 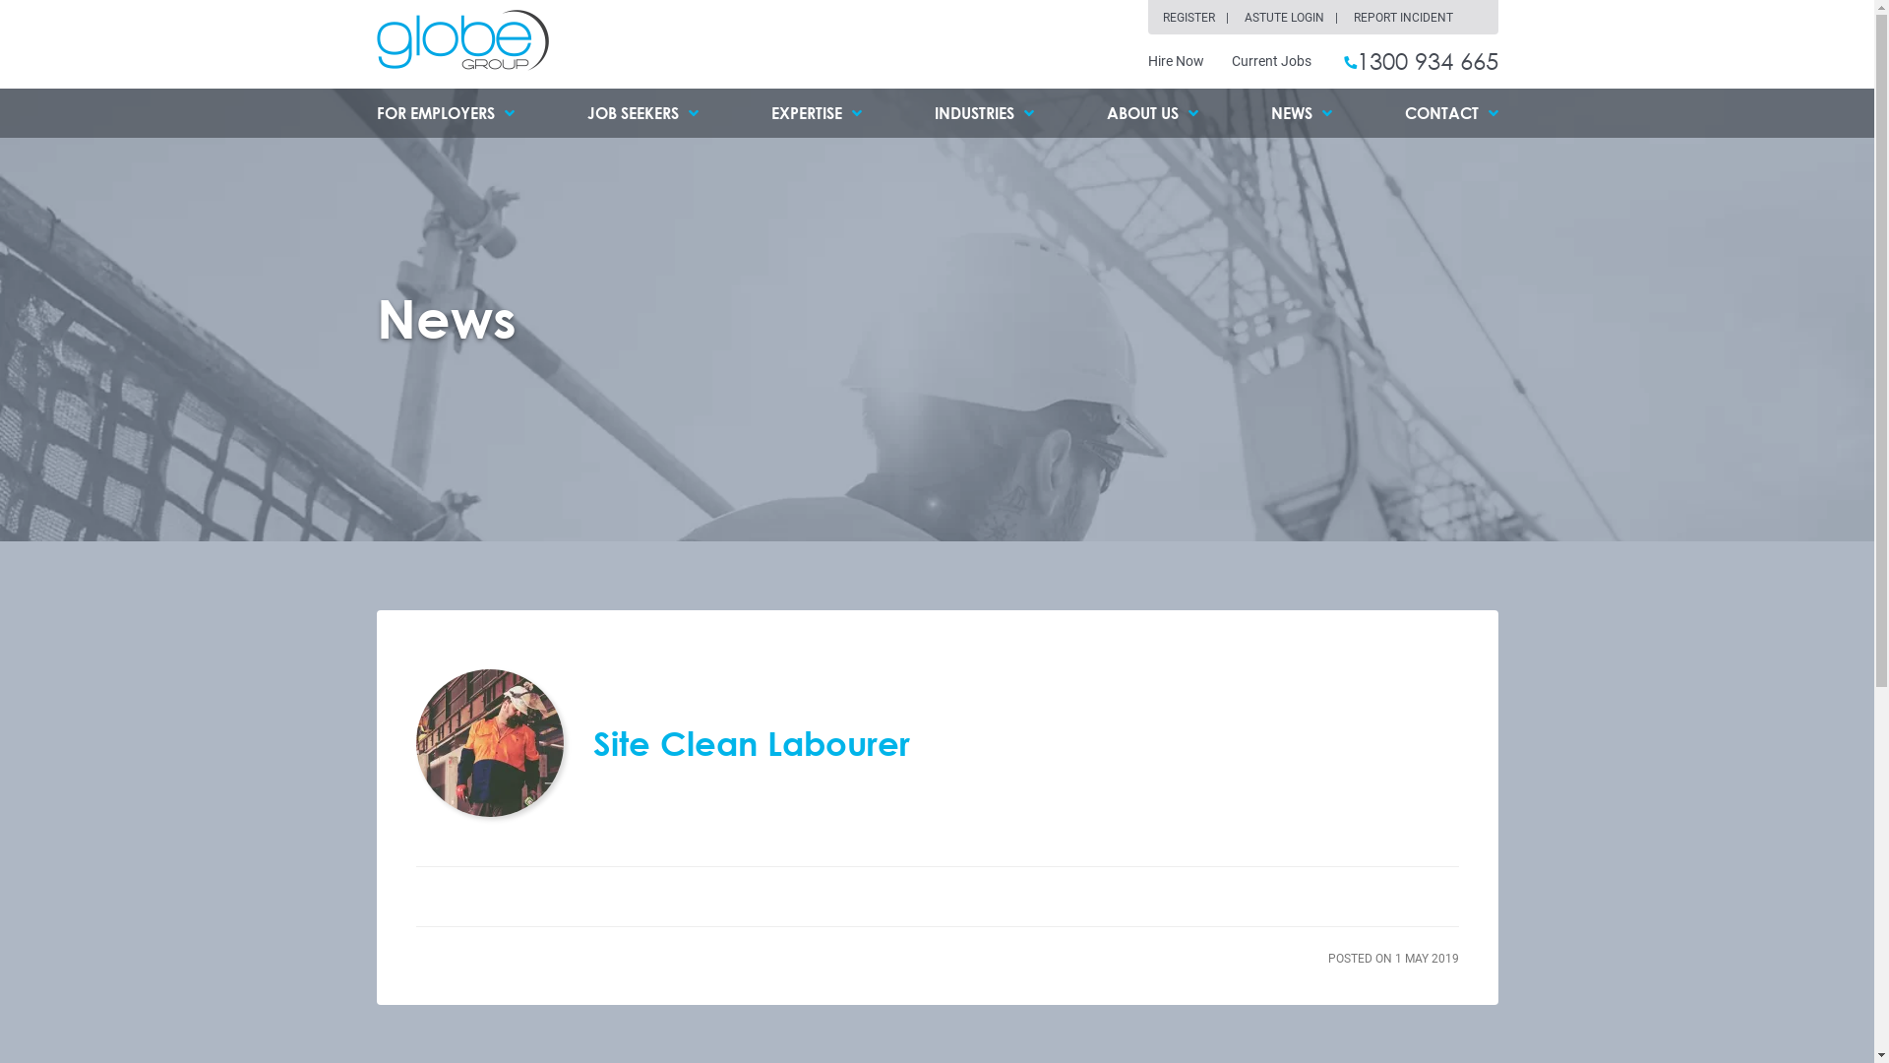 What do you see at coordinates (1147, 59) in the screenshot?
I see `'Hire Now'` at bounding box center [1147, 59].